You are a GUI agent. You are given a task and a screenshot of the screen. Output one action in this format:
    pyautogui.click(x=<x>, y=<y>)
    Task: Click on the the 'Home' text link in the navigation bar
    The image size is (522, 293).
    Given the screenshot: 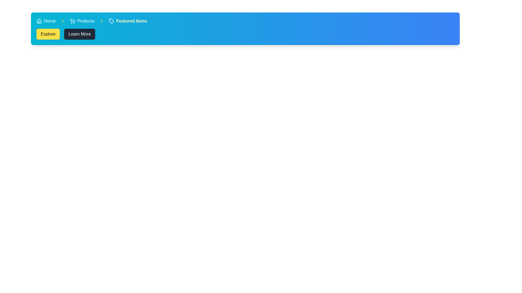 What is the action you would take?
    pyautogui.click(x=50, y=21)
    